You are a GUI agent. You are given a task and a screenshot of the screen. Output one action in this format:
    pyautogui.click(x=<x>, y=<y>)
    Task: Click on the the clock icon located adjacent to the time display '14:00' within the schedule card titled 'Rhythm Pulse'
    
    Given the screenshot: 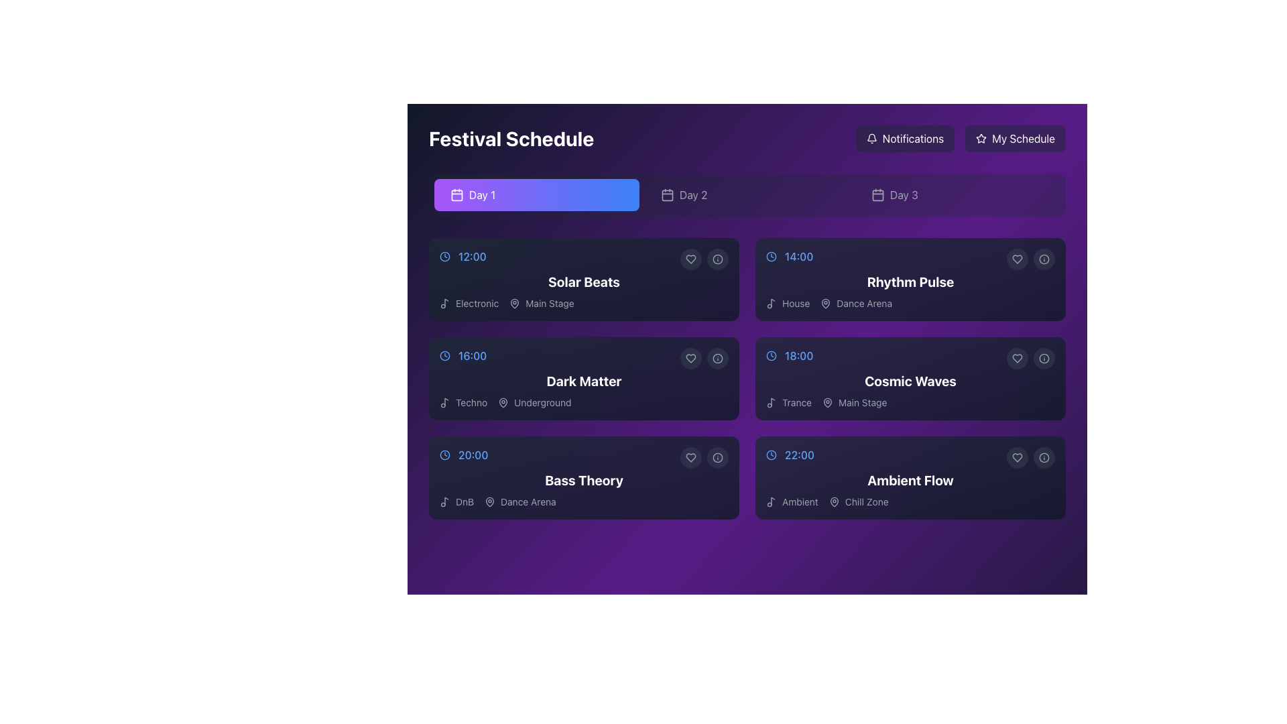 What is the action you would take?
    pyautogui.click(x=772, y=256)
    